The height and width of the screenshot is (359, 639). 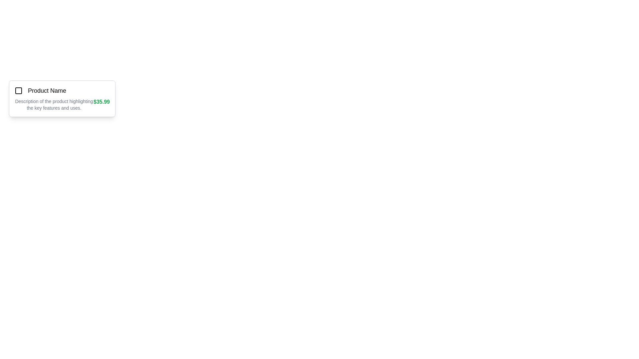 What do you see at coordinates (54, 105) in the screenshot?
I see `the static text element that describes the product's key features, which is styled in gray and located beneath the product name and to the left of the price` at bounding box center [54, 105].